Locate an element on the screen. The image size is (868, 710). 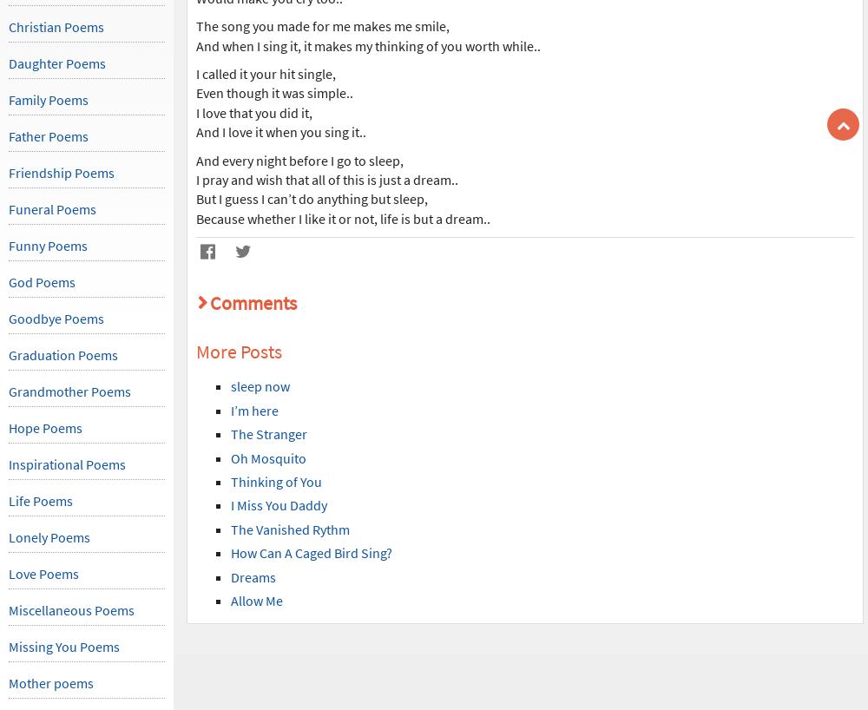
'Dreams' is located at coordinates (231, 575).